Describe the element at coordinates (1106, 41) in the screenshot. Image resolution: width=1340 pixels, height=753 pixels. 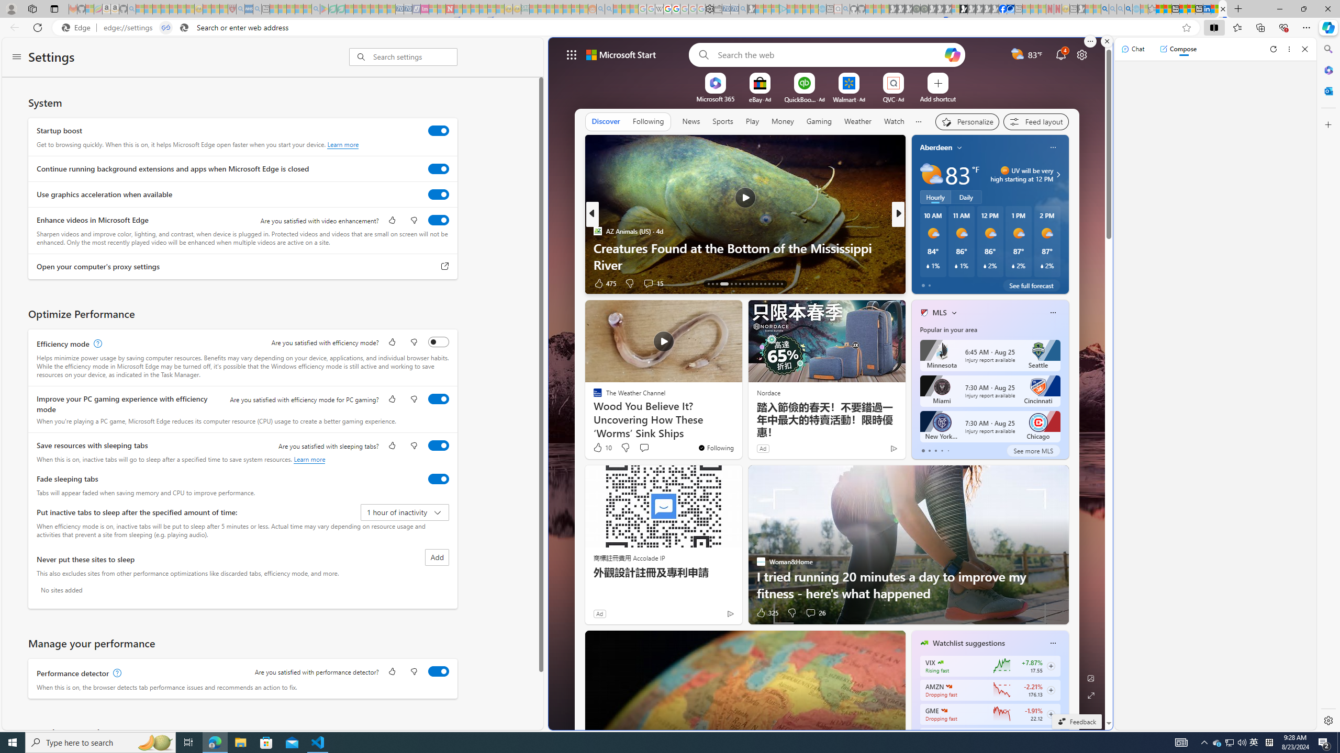
I see `'Close split screen.'` at that location.